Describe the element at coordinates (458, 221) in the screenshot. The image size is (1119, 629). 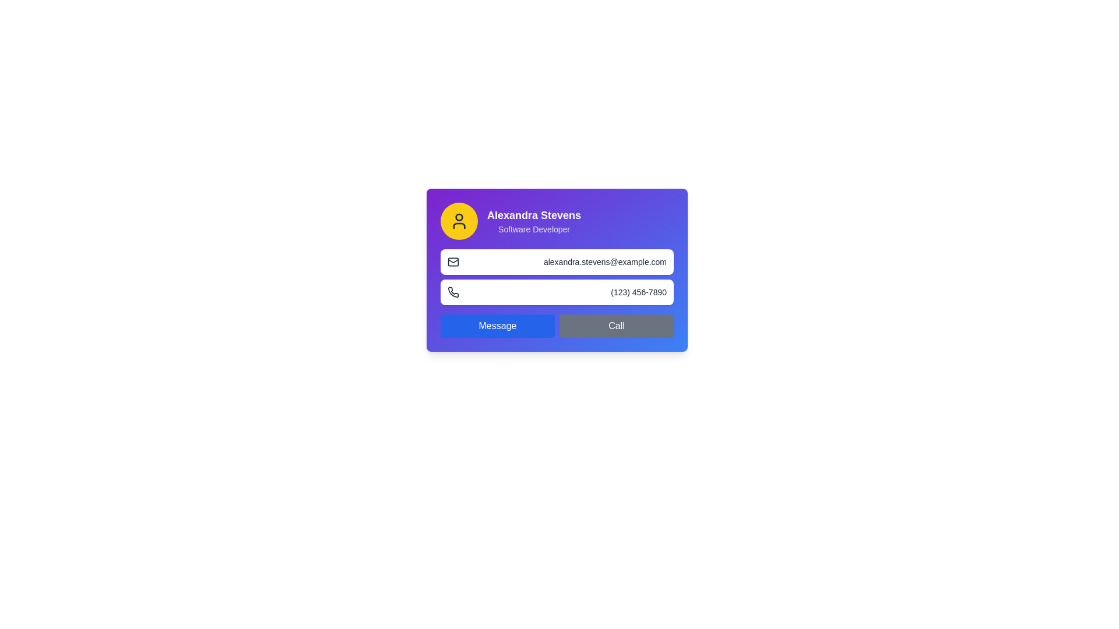
I see `circular yellow icon with a user symbol, located to the left of the text 'Alexandra Stevens - Software Developer' in the profile information card` at that location.